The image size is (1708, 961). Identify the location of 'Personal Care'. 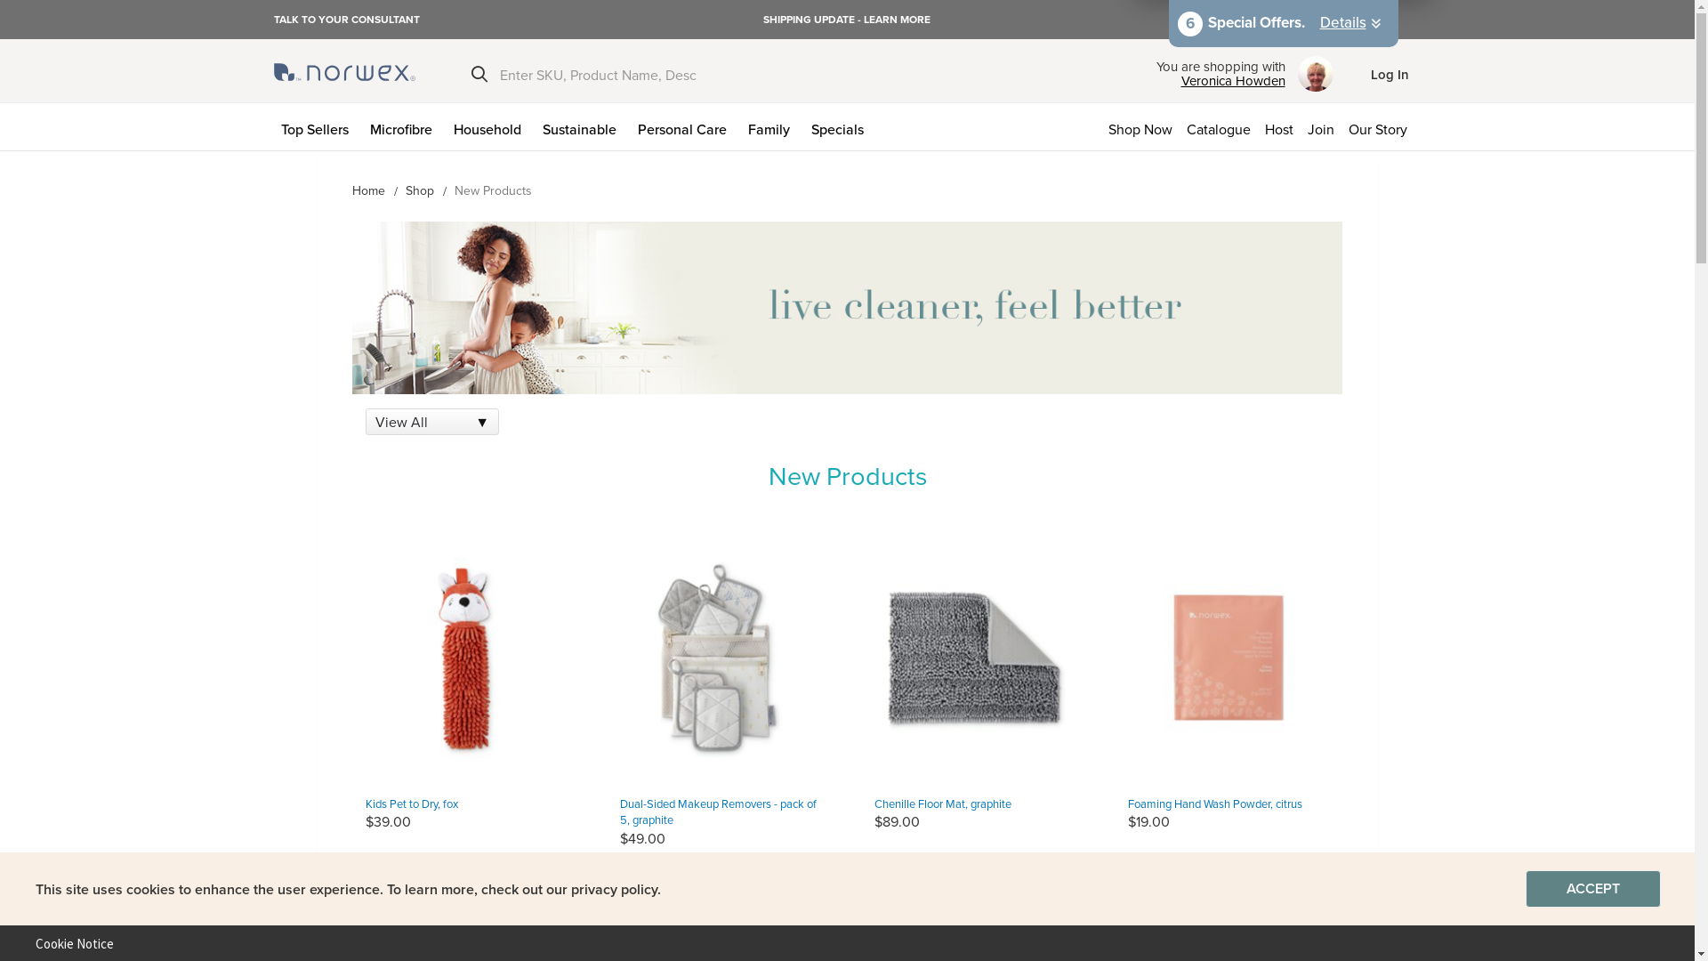
(683, 125).